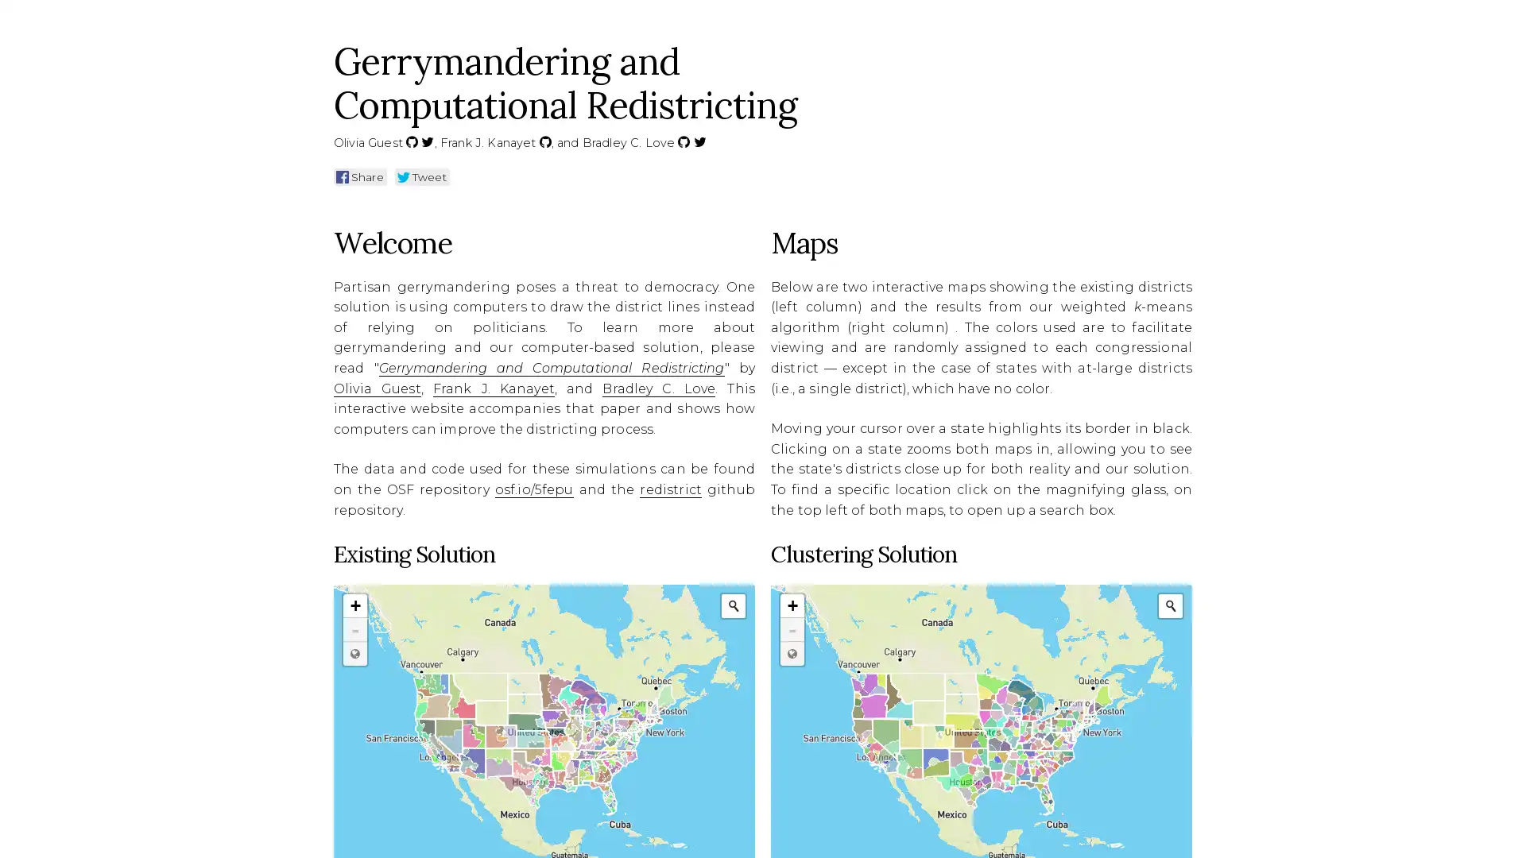  What do you see at coordinates (792, 629) in the screenshot?
I see `Zoom out` at bounding box center [792, 629].